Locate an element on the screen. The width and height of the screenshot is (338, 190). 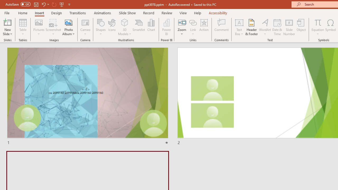
'Link' is located at coordinates (193, 27).